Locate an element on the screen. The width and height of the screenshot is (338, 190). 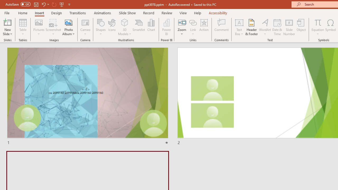
'Link' is located at coordinates (193, 27).